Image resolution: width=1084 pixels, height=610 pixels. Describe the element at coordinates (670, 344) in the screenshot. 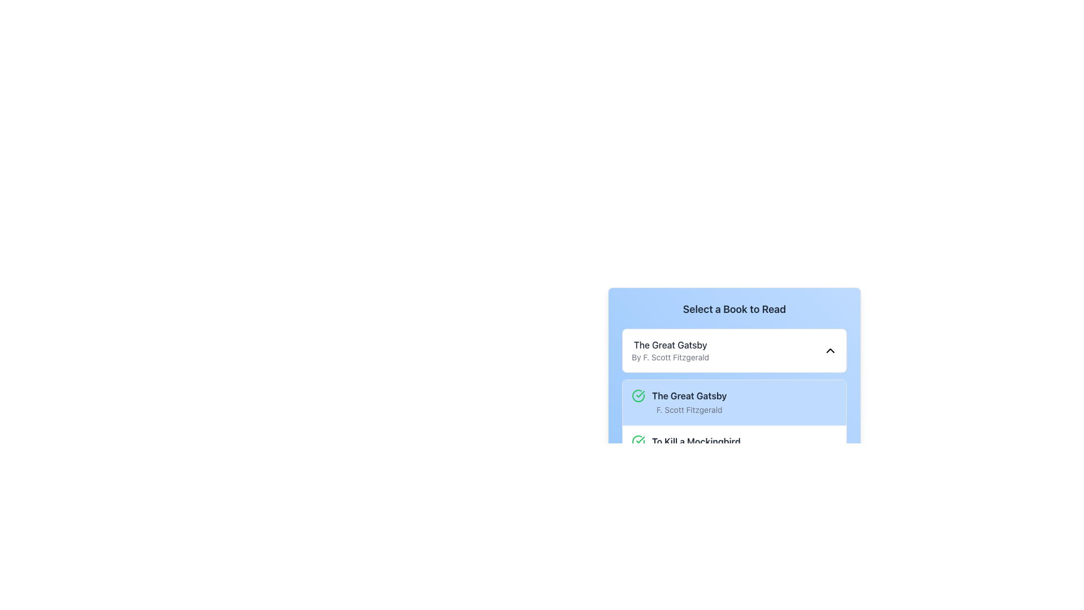

I see `the text label displaying the title 'The Great Gatsby' in bold, dark gray font, which is located above the author's name 'By F. Scott Fitzgerald' within the dropdown section below 'Select a Book to Read.'` at that location.